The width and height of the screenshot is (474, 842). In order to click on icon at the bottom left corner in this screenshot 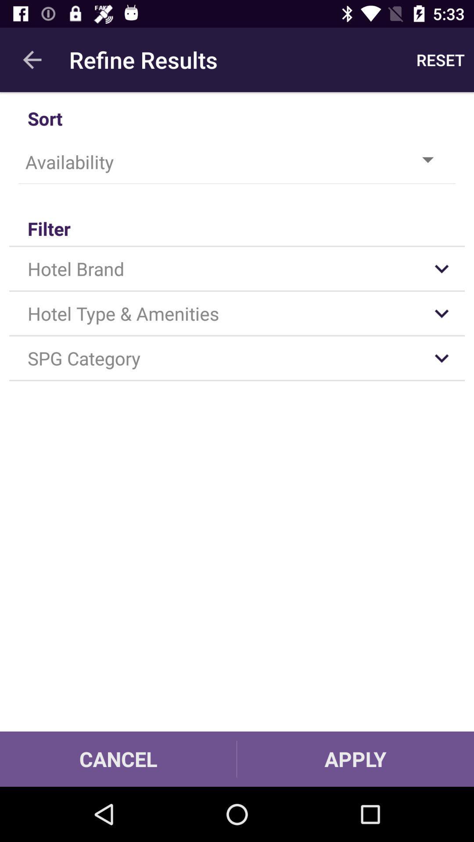, I will do `click(118, 759)`.